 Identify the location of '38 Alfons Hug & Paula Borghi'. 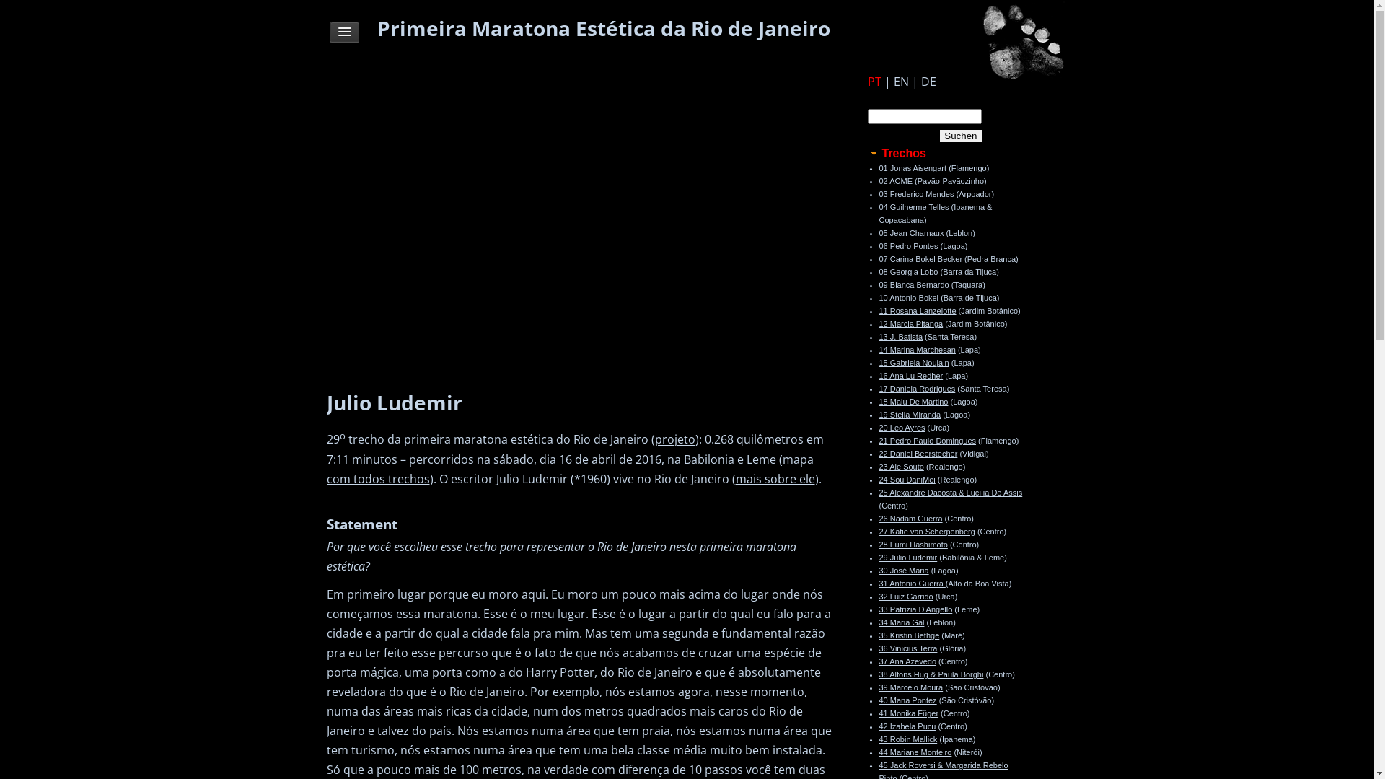
(878, 674).